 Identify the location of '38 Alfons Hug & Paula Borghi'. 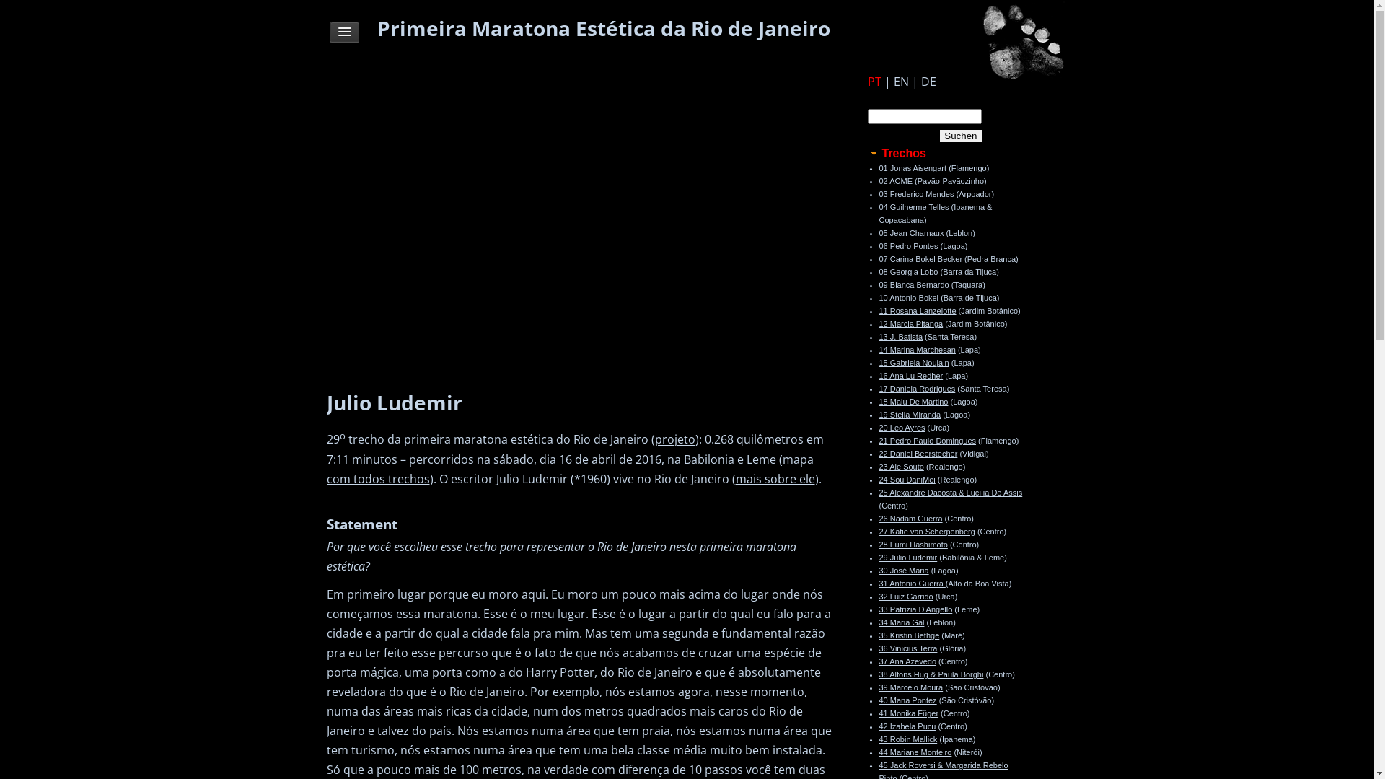
(878, 674).